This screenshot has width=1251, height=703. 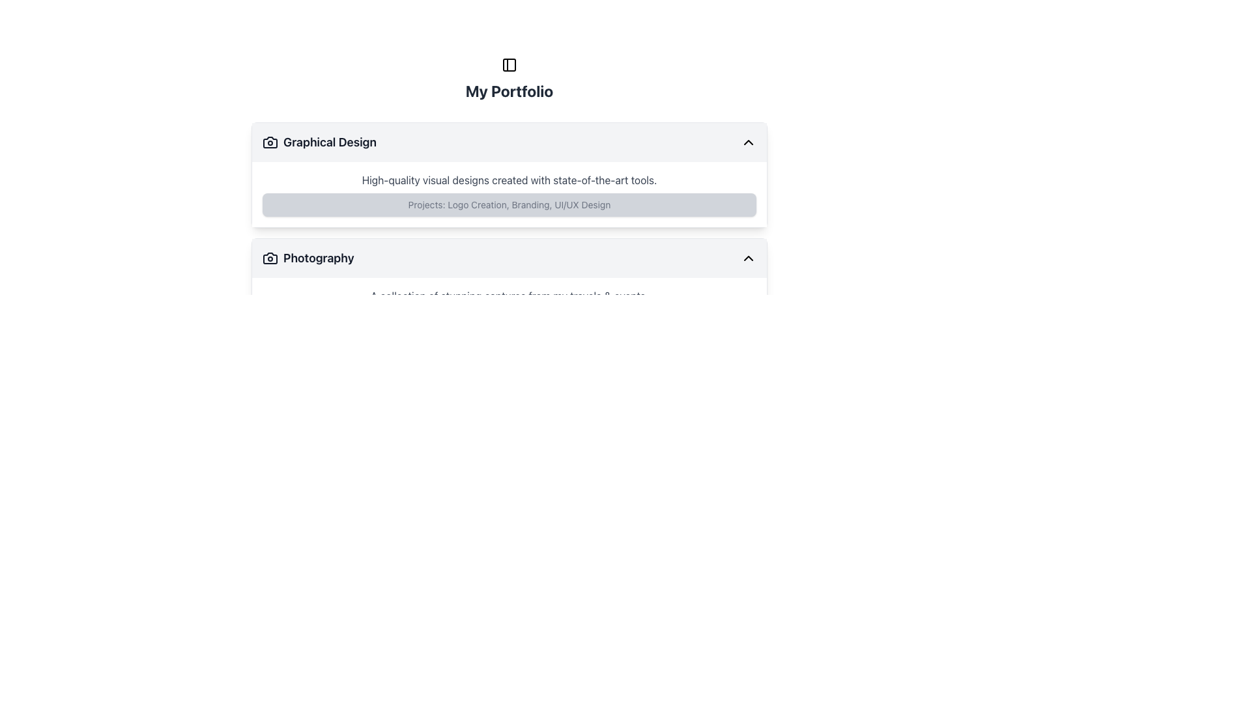 What do you see at coordinates (509, 90) in the screenshot?
I see `the Header element, which serves as the title or primary theme of the section and is positioned below a decorative icon` at bounding box center [509, 90].